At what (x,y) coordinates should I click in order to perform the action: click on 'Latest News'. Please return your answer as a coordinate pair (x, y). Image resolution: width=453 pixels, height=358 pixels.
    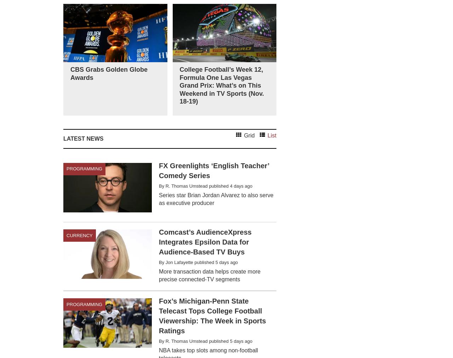
    Looking at the image, I should click on (83, 138).